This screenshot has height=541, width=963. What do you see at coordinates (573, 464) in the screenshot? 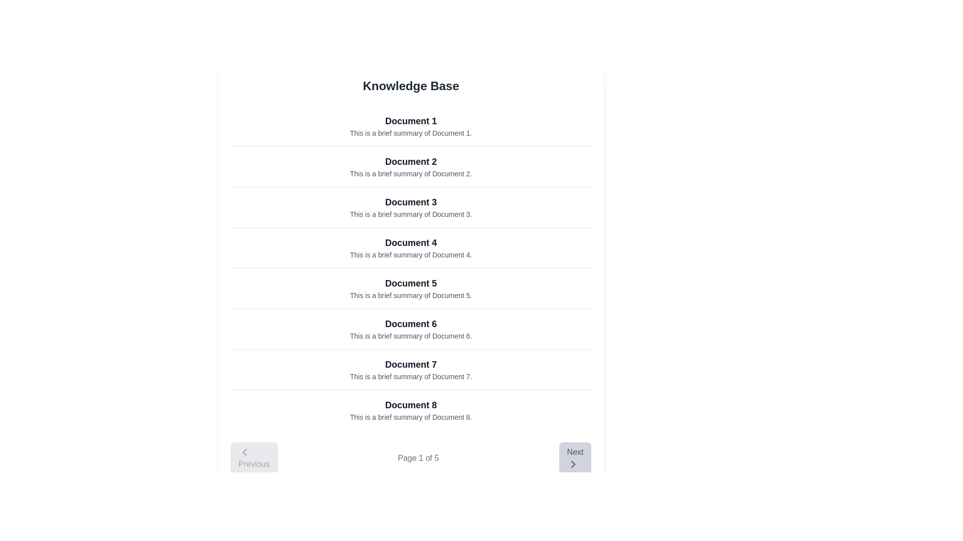
I see `the right-pointing chevron icon within the 'Next' button located at the bottom-right corner of the interface` at bounding box center [573, 464].